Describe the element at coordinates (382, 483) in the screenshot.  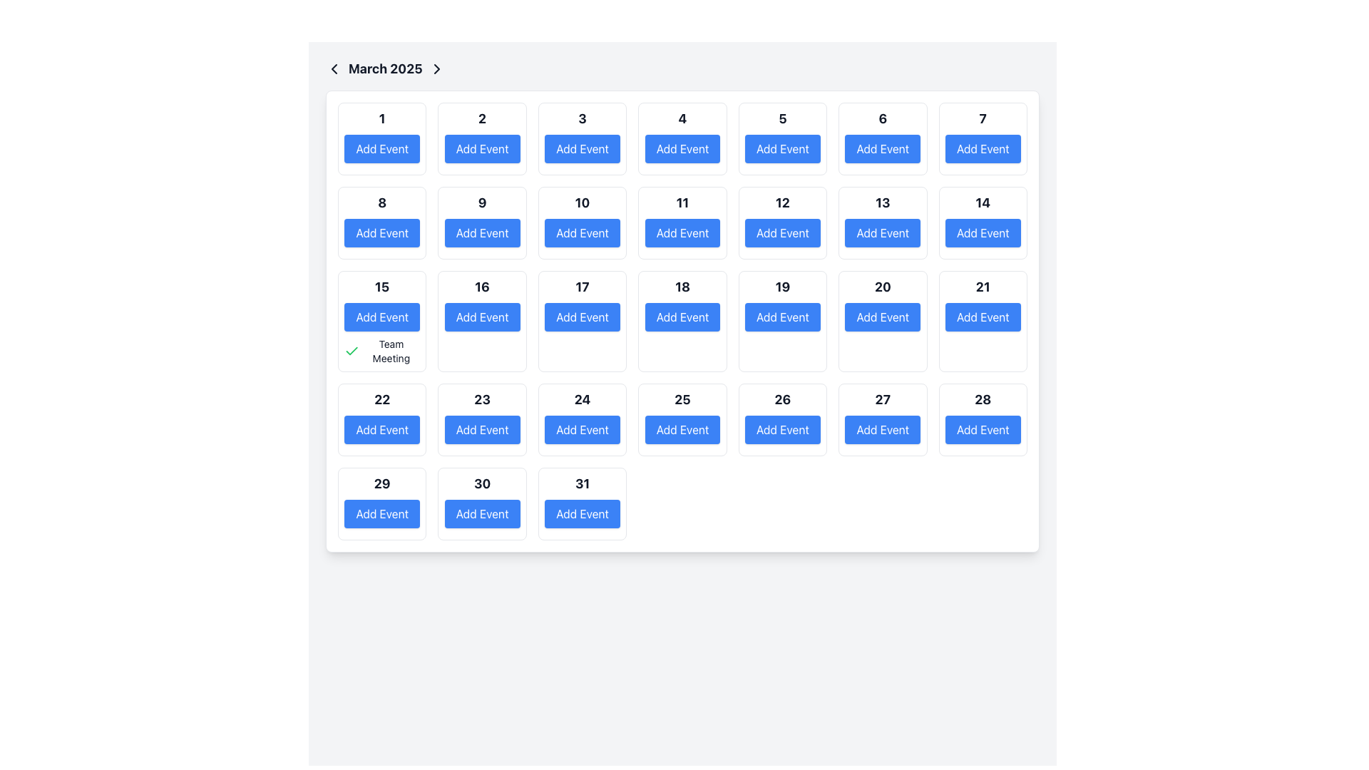
I see `the bold, large text label displaying the number '29' located in the last row, fifth column of the grid layout, above the 'Add Event' button` at that location.